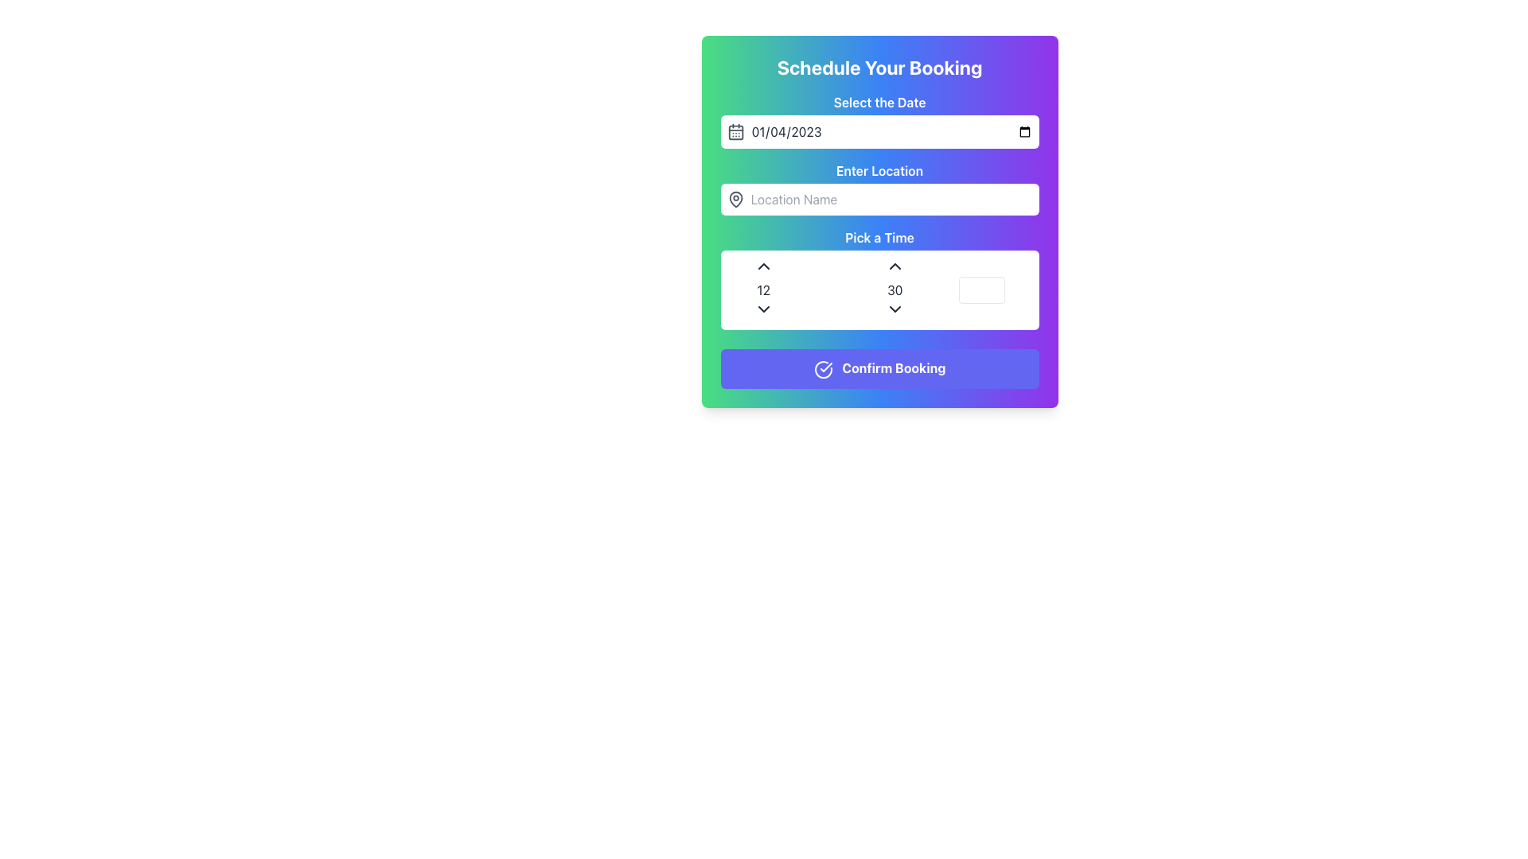  What do you see at coordinates (826, 367) in the screenshot?
I see `the checkmark icon within the 'Confirm Booking' button, which visually signifies confirmation of the action` at bounding box center [826, 367].